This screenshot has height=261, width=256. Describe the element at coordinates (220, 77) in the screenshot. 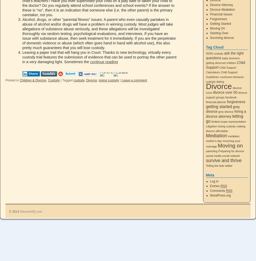

I see `'courtroom behavior'` at that location.